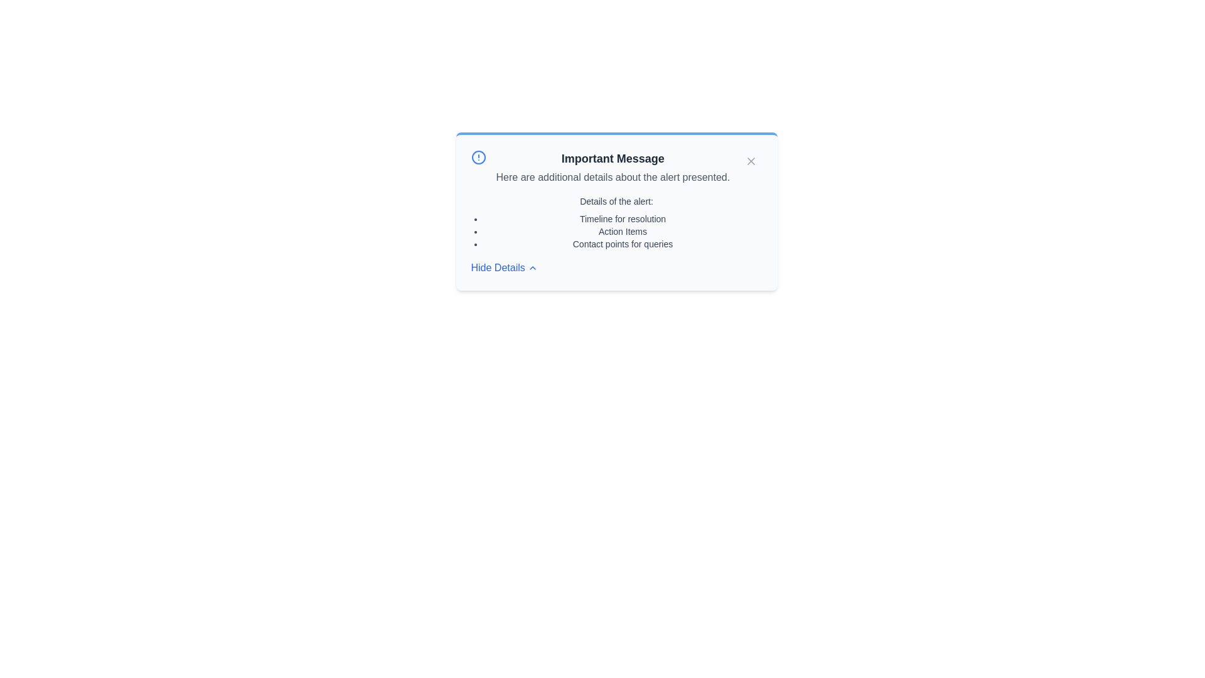 The width and height of the screenshot is (1205, 678). I want to click on the close button located at the top-right corner of the card, adjacent to the title 'Important Message', so click(751, 161).